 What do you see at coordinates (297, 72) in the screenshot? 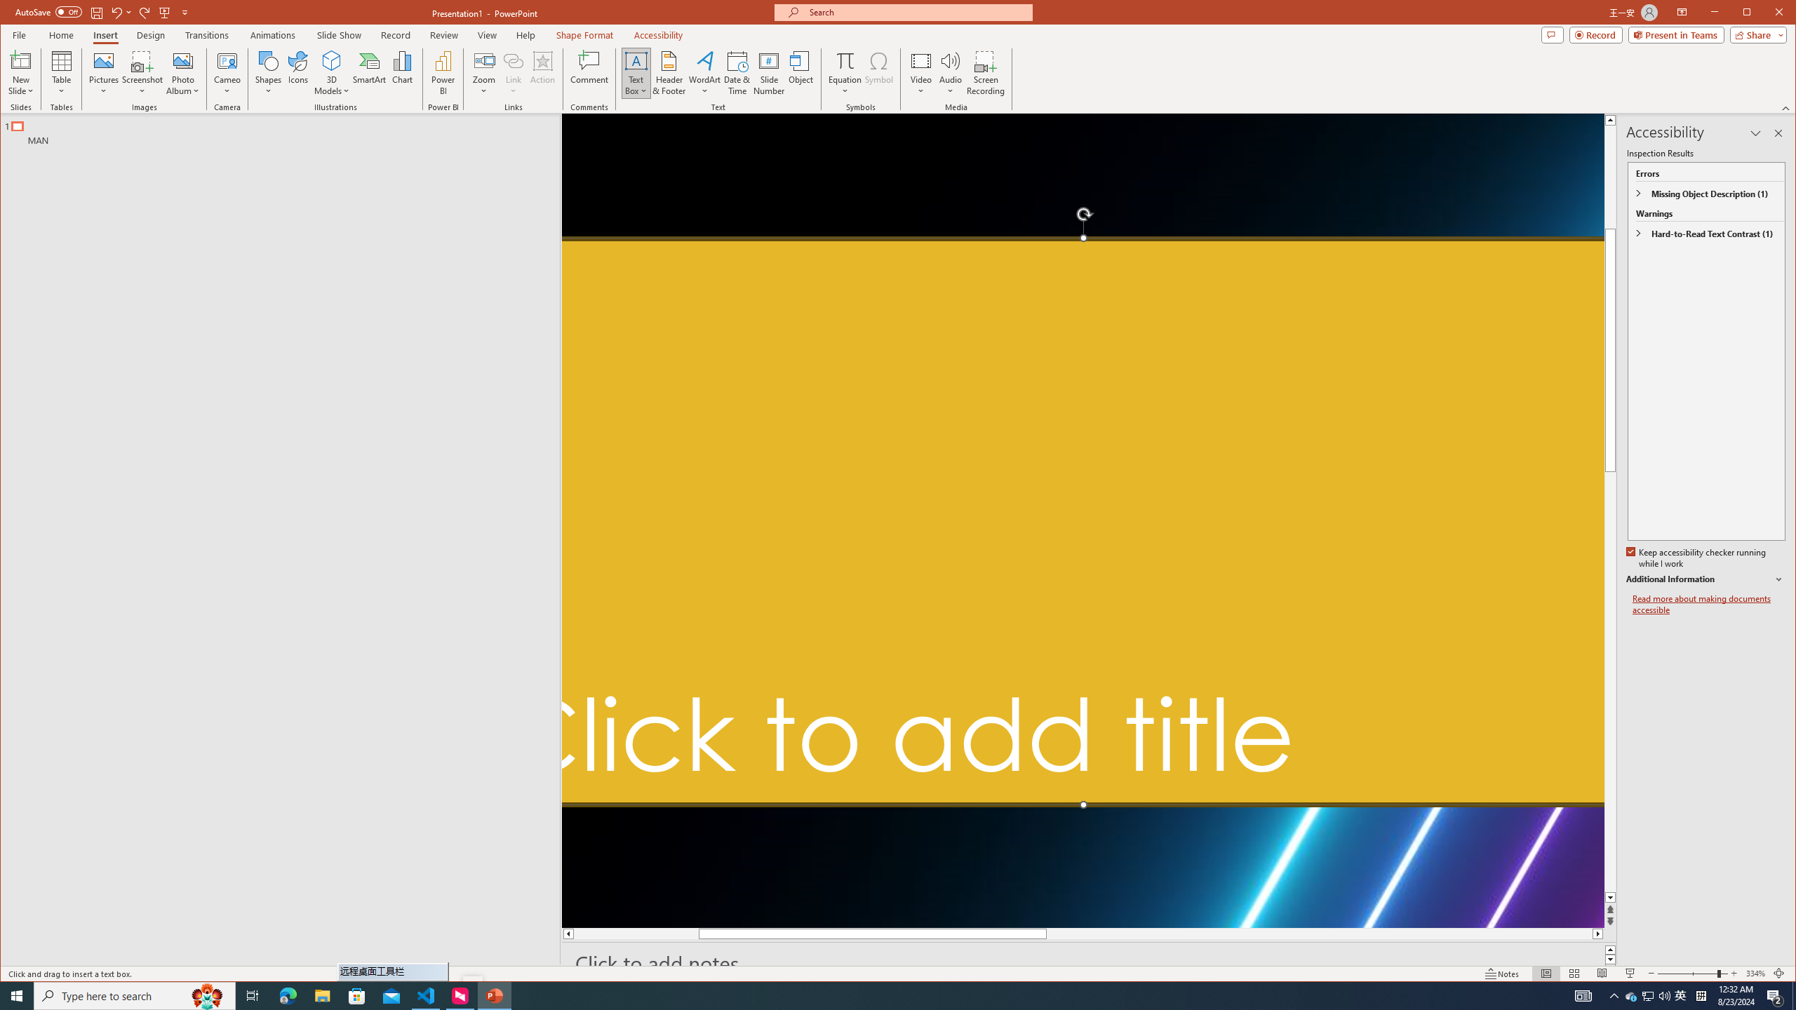
I see `'Icons'` at bounding box center [297, 72].